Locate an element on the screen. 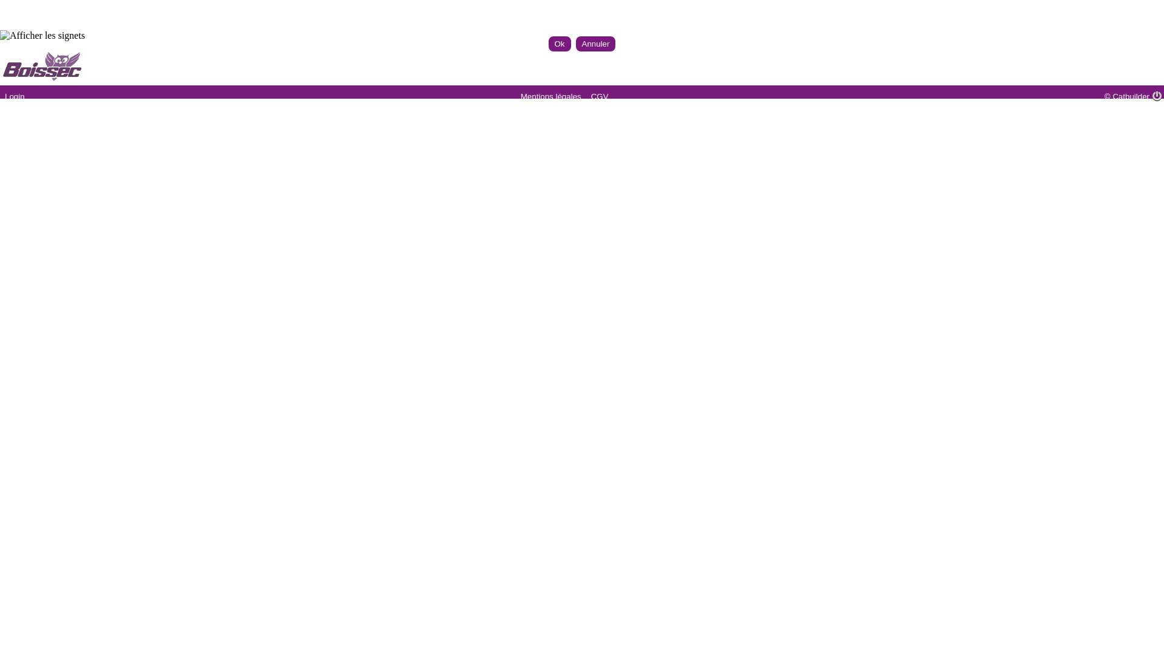 The height and width of the screenshot is (654, 1164). 'Afficher les signets' is located at coordinates (42, 35).